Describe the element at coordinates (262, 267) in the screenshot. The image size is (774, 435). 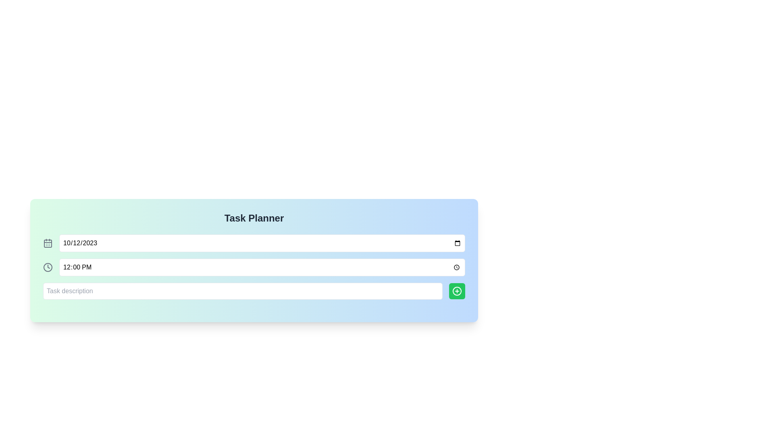
I see `the time input field displaying '12:00 PM'` at that location.